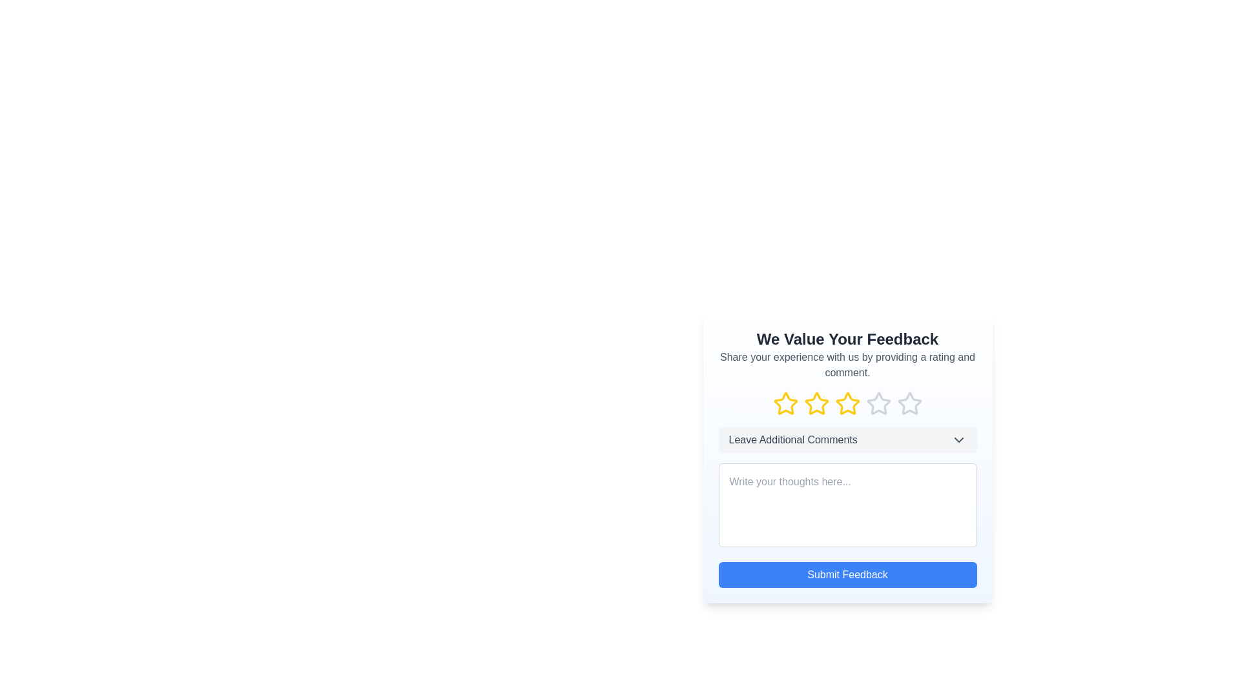  Describe the element at coordinates (878, 403) in the screenshot. I see `the fourth star in the five-star rating system` at that location.